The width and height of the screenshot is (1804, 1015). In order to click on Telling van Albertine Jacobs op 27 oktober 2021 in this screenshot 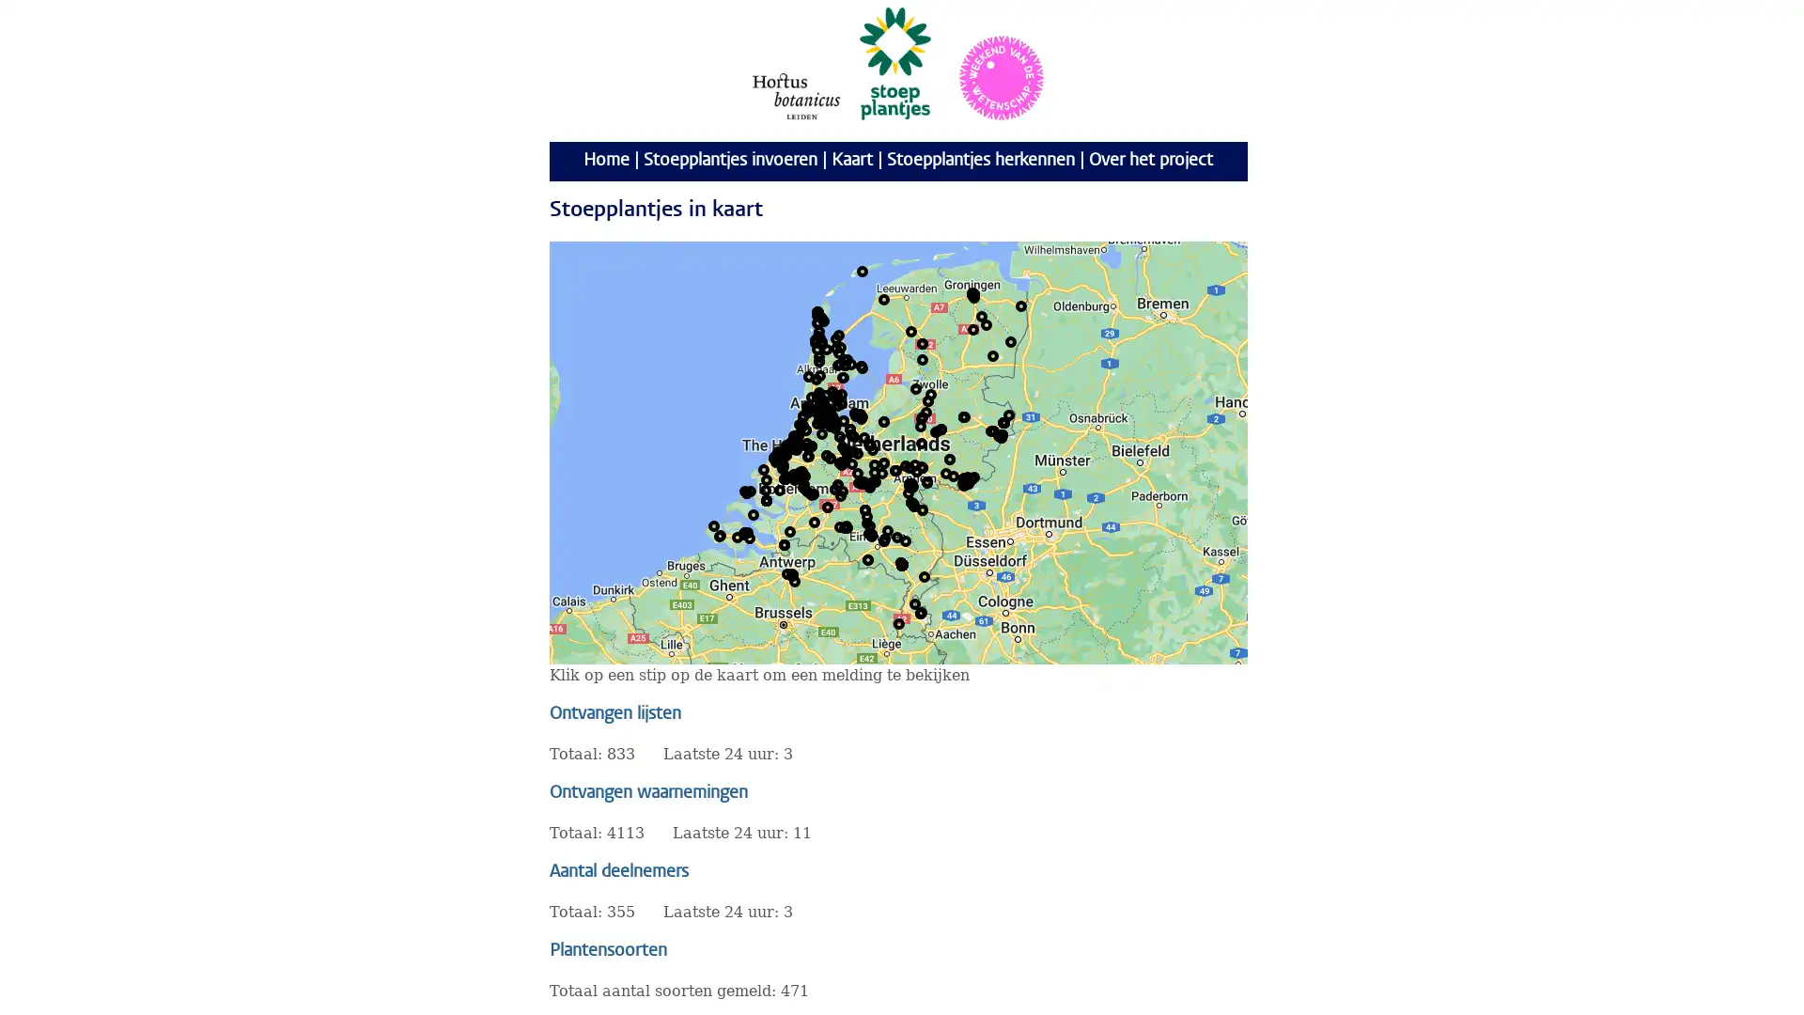, I will do `click(862, 481)`.